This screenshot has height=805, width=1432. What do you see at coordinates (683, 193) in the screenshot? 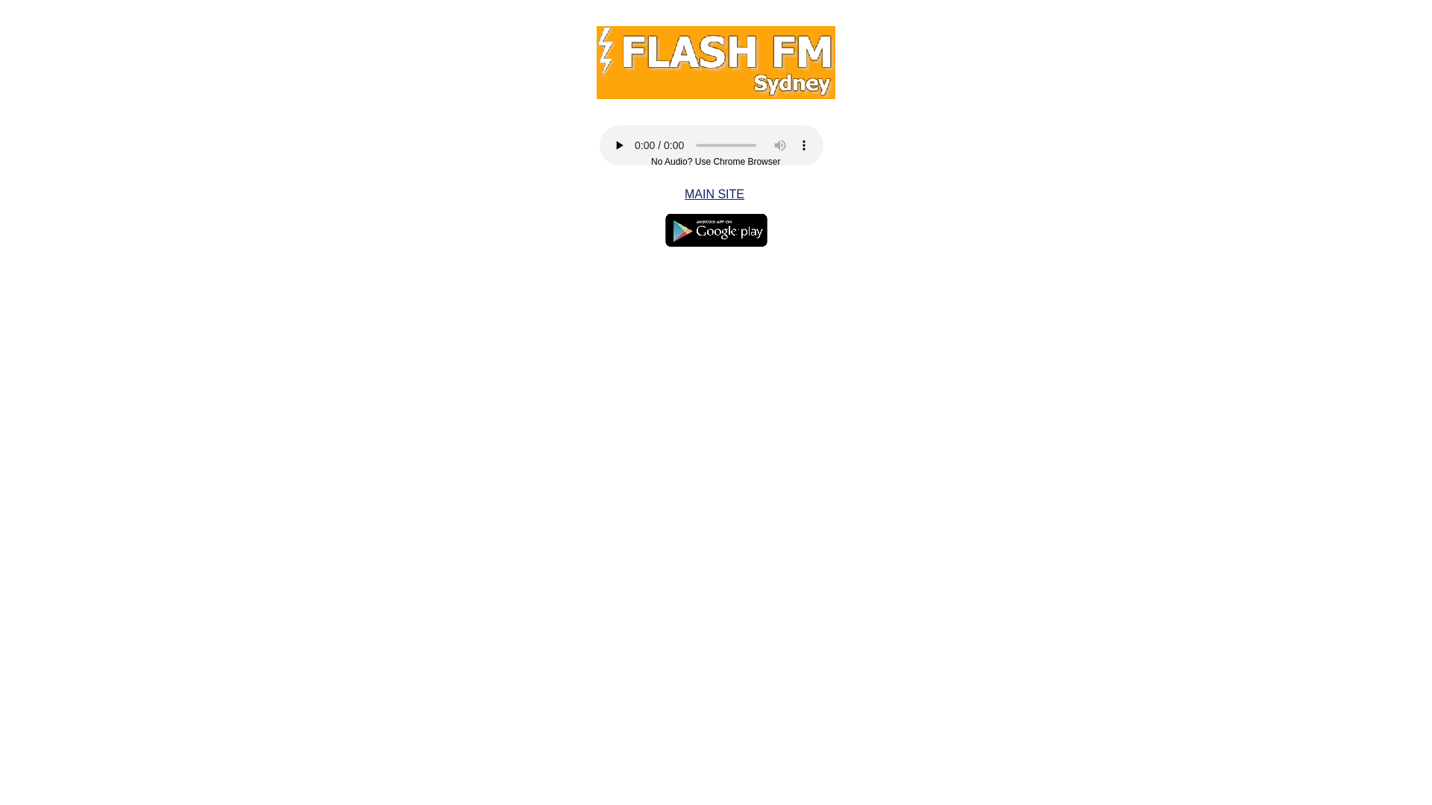
I see `'MAIN SITE'` at bounding box center [683, 193].